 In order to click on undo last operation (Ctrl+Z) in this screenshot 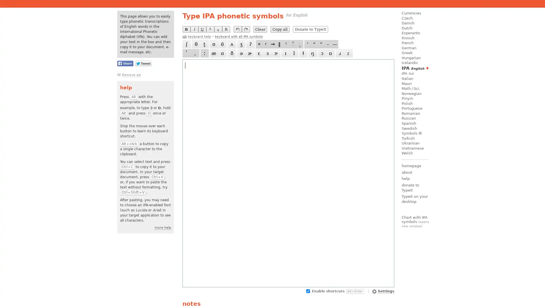, I will do `click(237, 29)`.